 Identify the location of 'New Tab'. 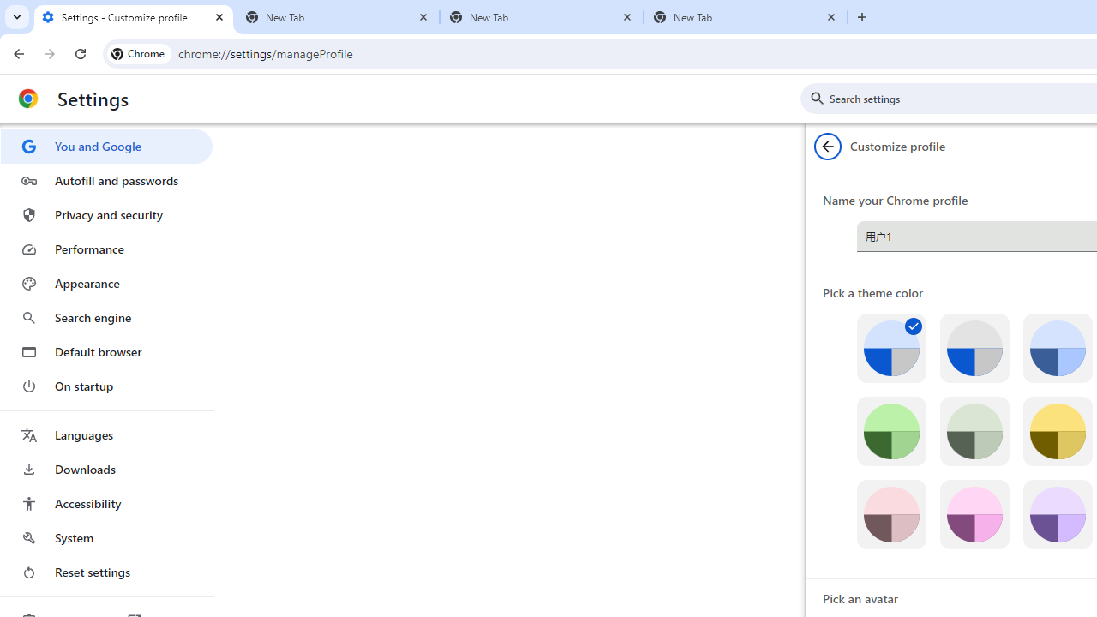
(746, 17).